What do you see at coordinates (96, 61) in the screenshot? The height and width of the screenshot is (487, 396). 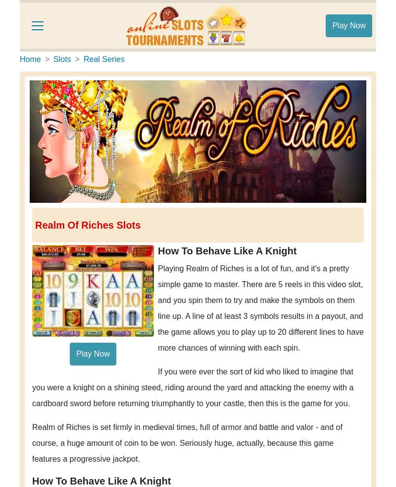 I see `'Sector 777 Casino Sister Sites'` at bounding box center [96, 61].